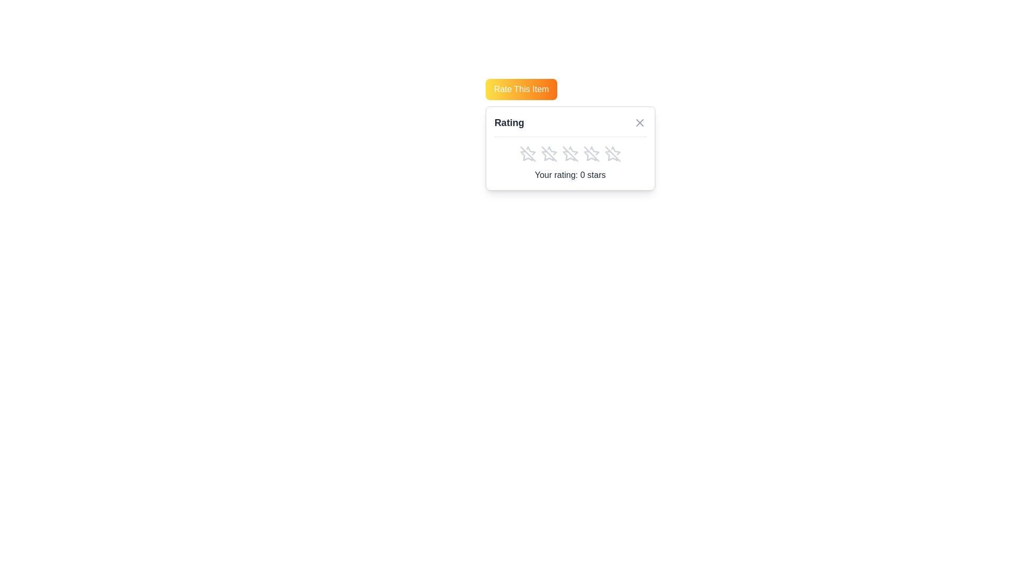 The height and width of the screenshot is (572, 1018). I want to click on the fifth star in the rating section, so click(591, 154).